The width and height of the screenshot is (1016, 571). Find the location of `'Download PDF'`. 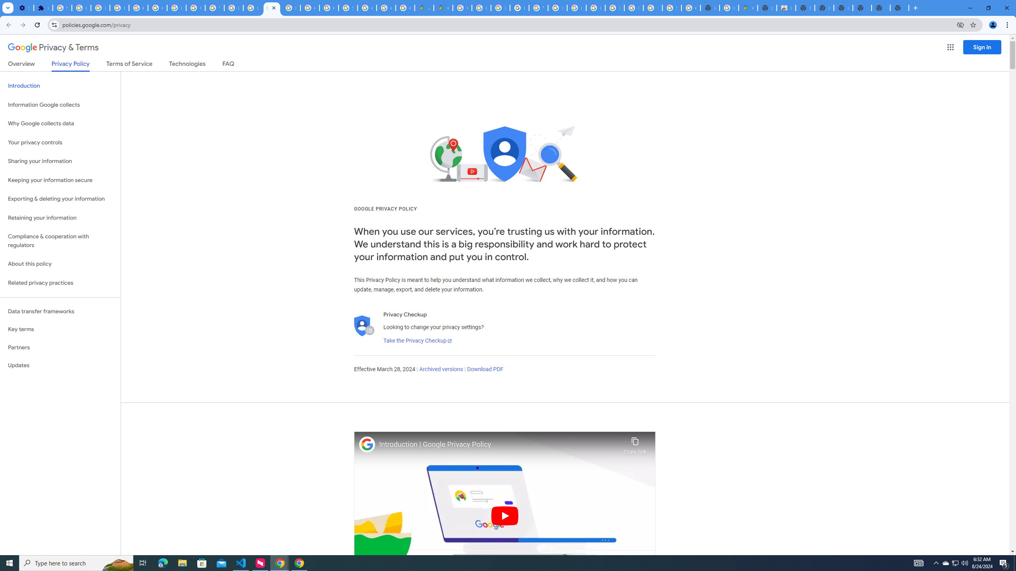

'Download PDF' is located at coordinates (485, 369).